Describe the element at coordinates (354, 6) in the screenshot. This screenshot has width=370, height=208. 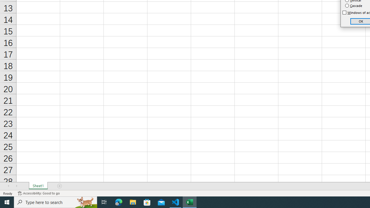
I see `'Cascade'` at that location.